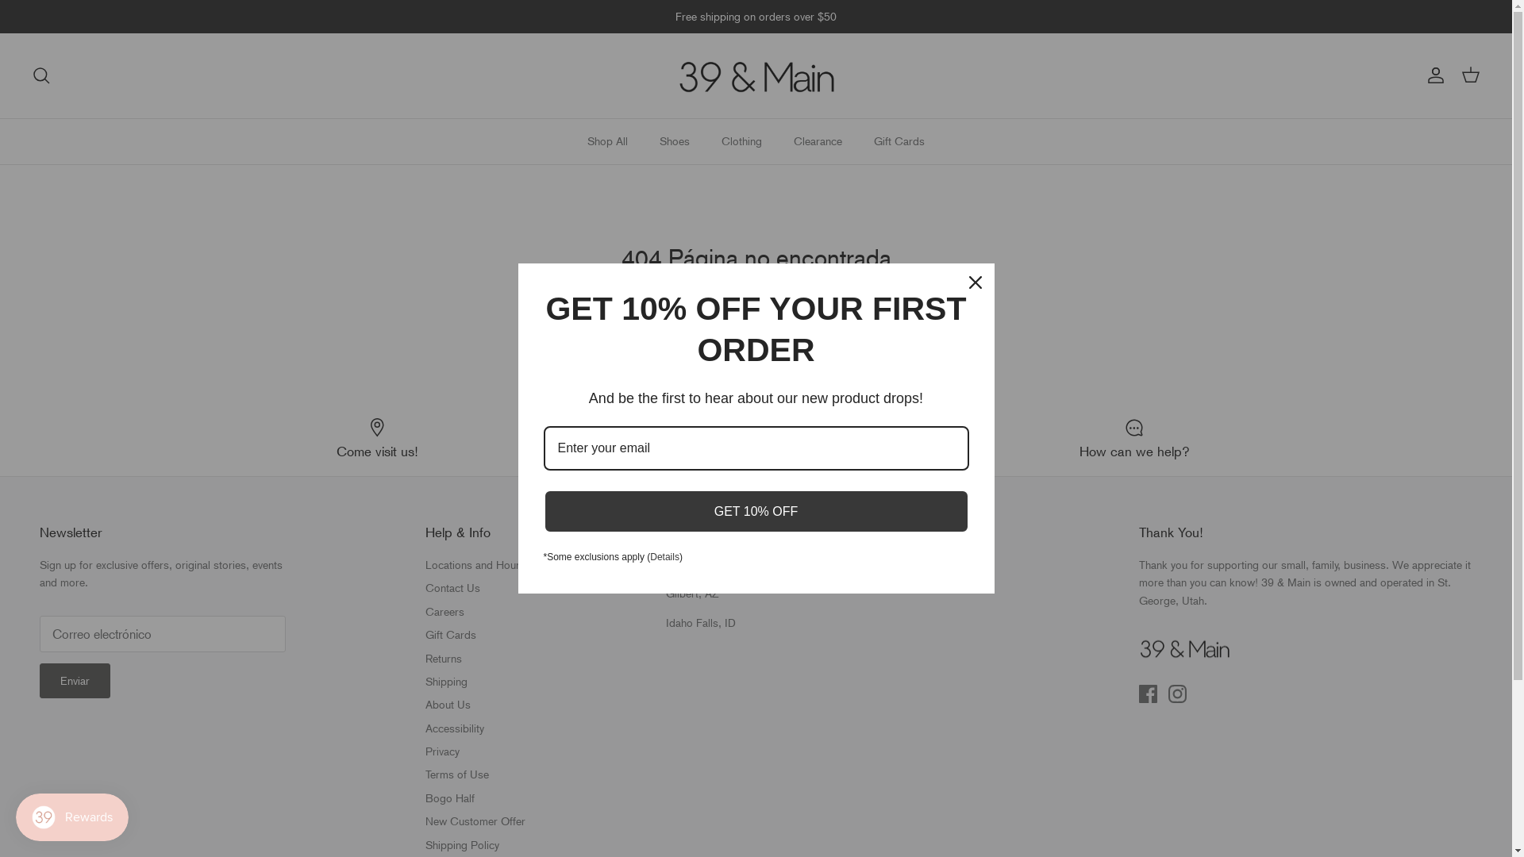 The image size is (1524, 857). Describe the element at coordinates (447, 703) in the screenshot. I see `'About Us'` at that location.